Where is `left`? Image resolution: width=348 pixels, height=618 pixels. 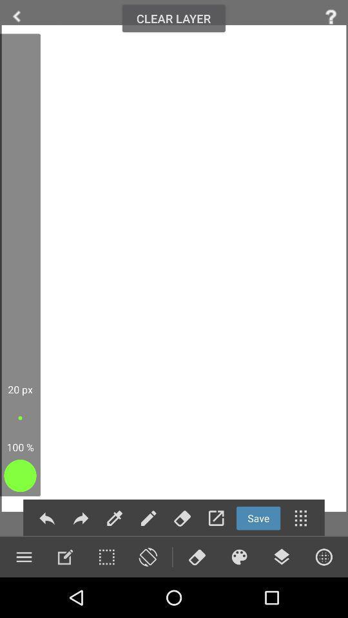 left is located at coordinates (16, 16).